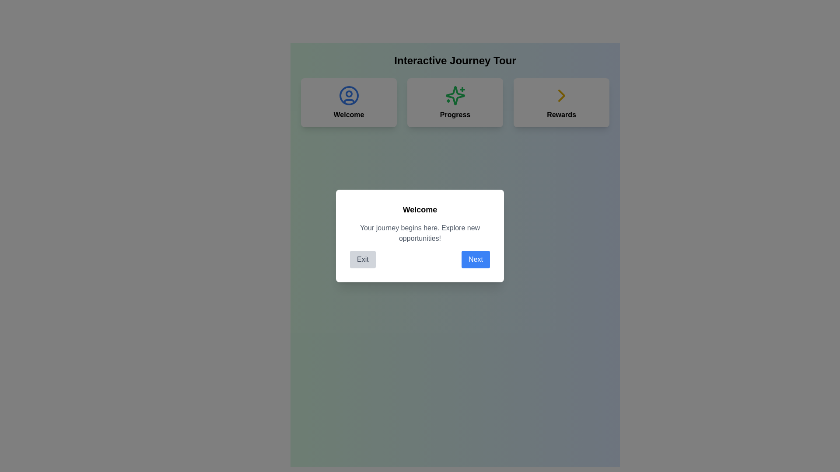  I want to click on the 'Exit' button located in the modal dialog box to terminate the current interaction, so click(363, 259).